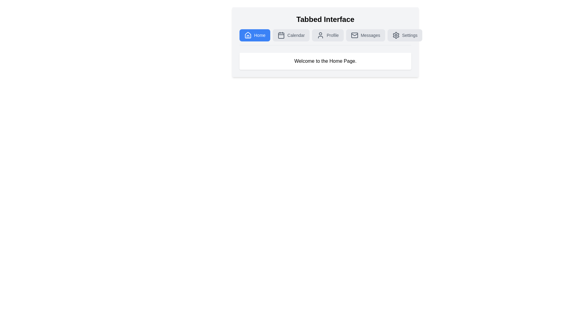 The height and width of the screenshot is (329, 585). I want to click on light gray rectangular shape within the envelope icon in the 'Messages' tab using developer tools, so click(354, 35).